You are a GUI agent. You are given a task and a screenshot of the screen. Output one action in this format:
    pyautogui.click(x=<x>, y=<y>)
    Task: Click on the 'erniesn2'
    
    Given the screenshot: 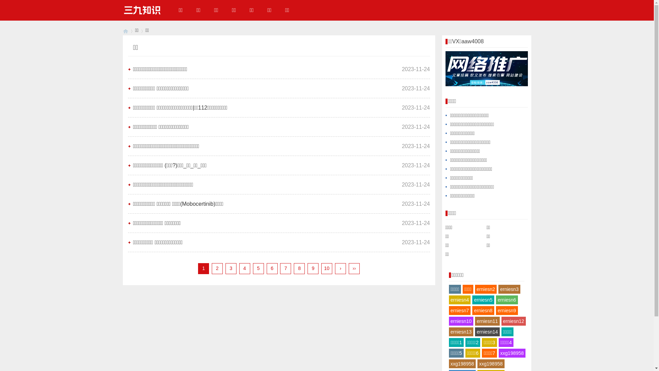 What is the action you would take?
    pyautogui.click(x=486, y=289)
    